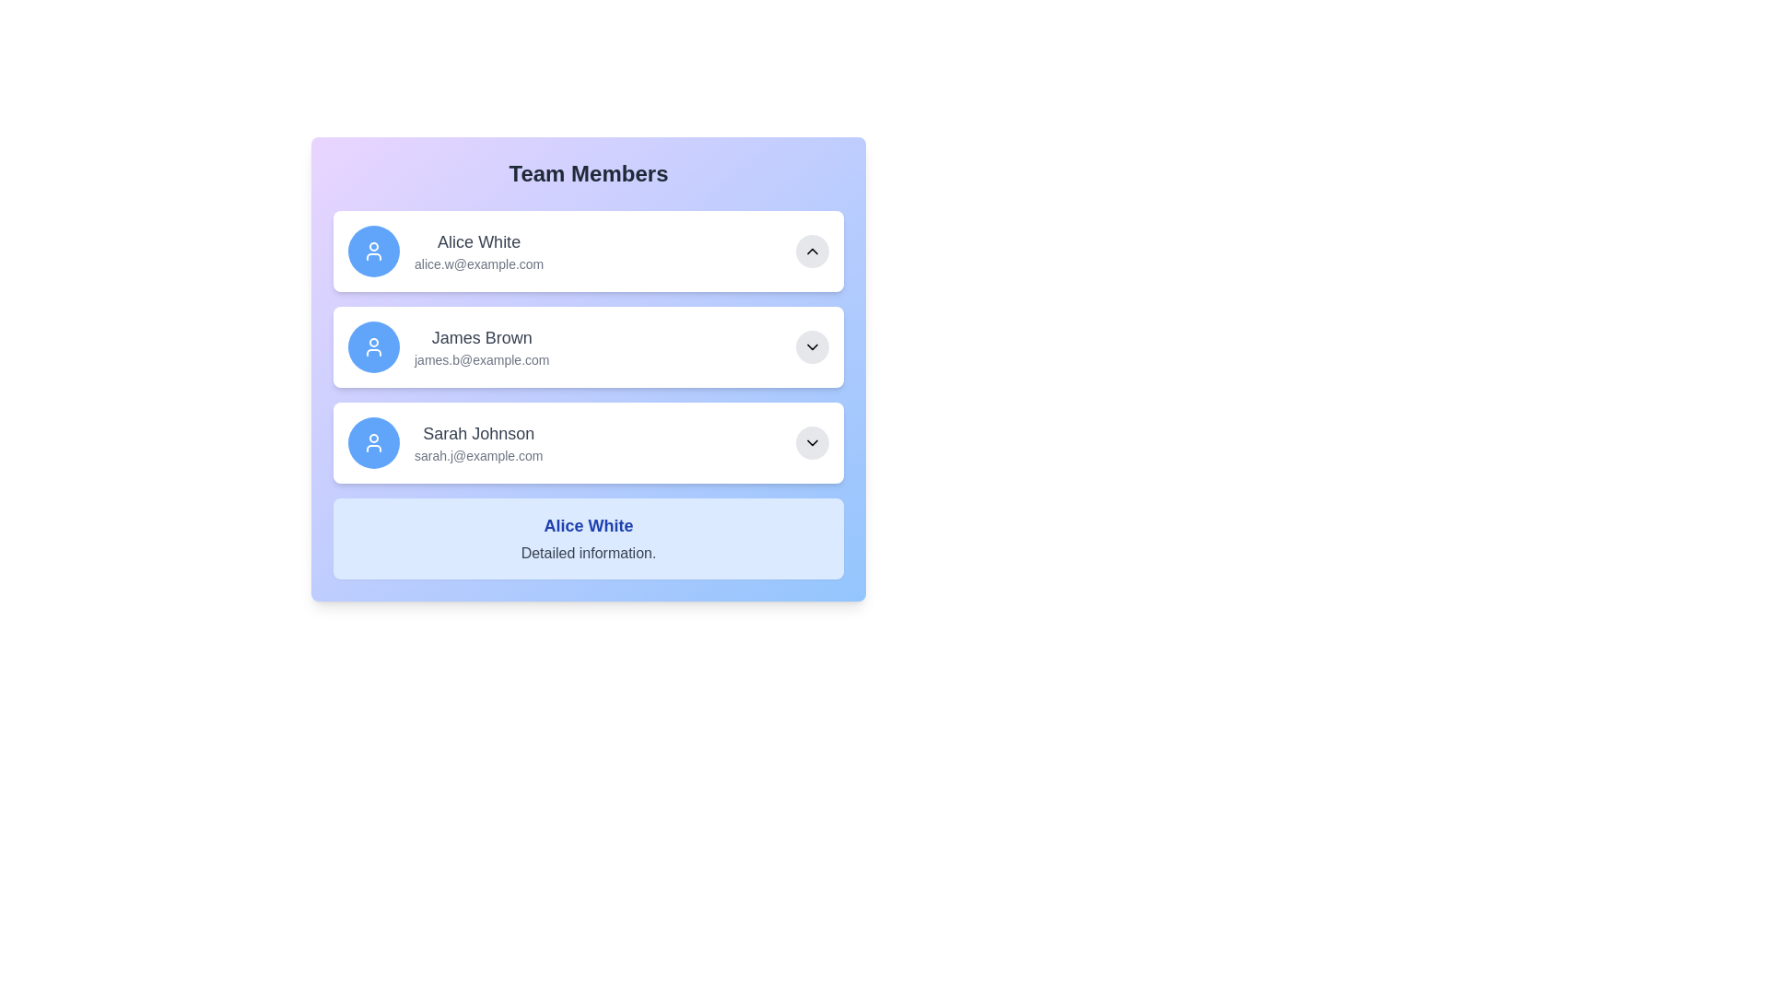  What do you see at coordinates (812, 347) in the screenshot?
I see `the downward-pointing chevron icon button with a light gray background located at the far right of the 'James Brown' user card entry to observe its hover effects` at bounding box center [812, 347].